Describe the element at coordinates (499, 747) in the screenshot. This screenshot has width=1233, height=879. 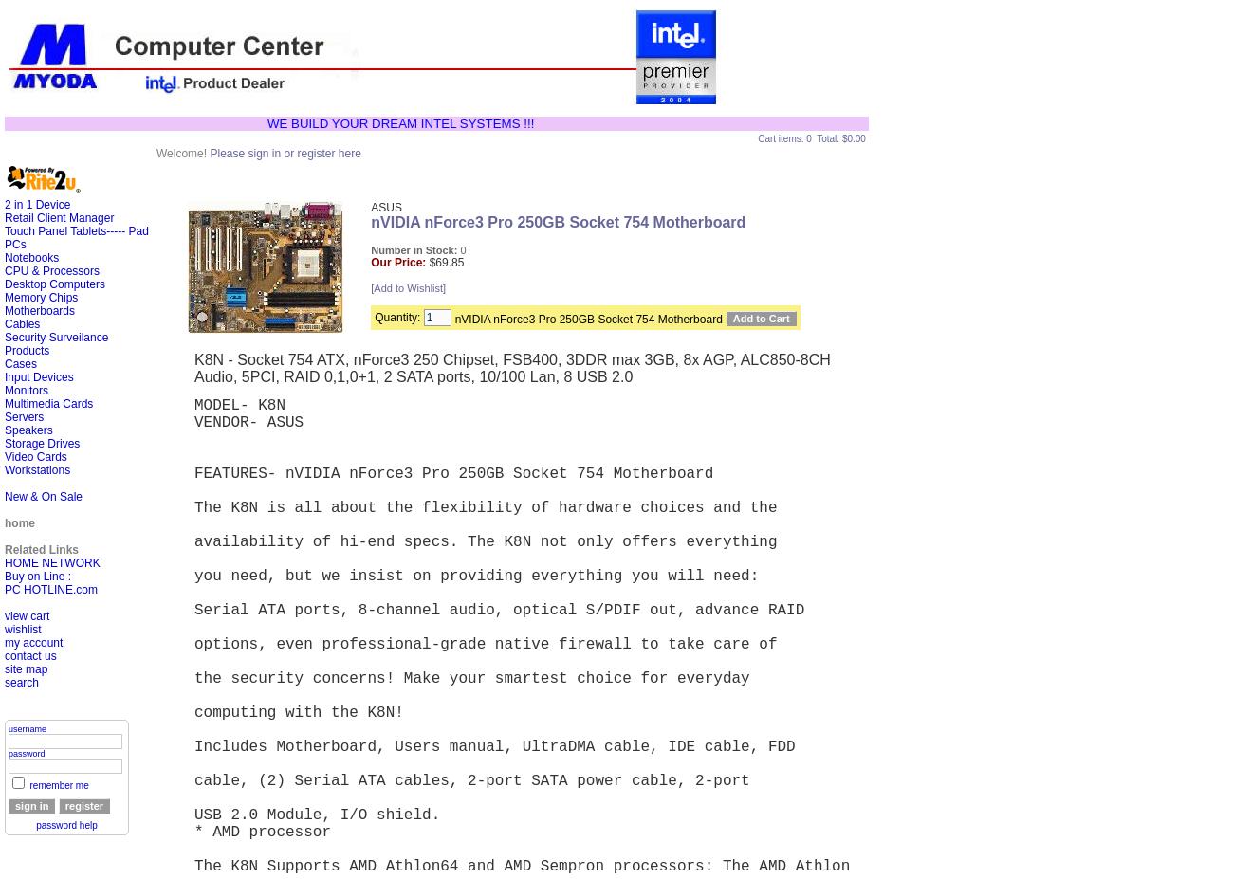
I see `'Includes Motherboard, Users manual, UltraDMA cable, IDE cable, FDD'` at that location.